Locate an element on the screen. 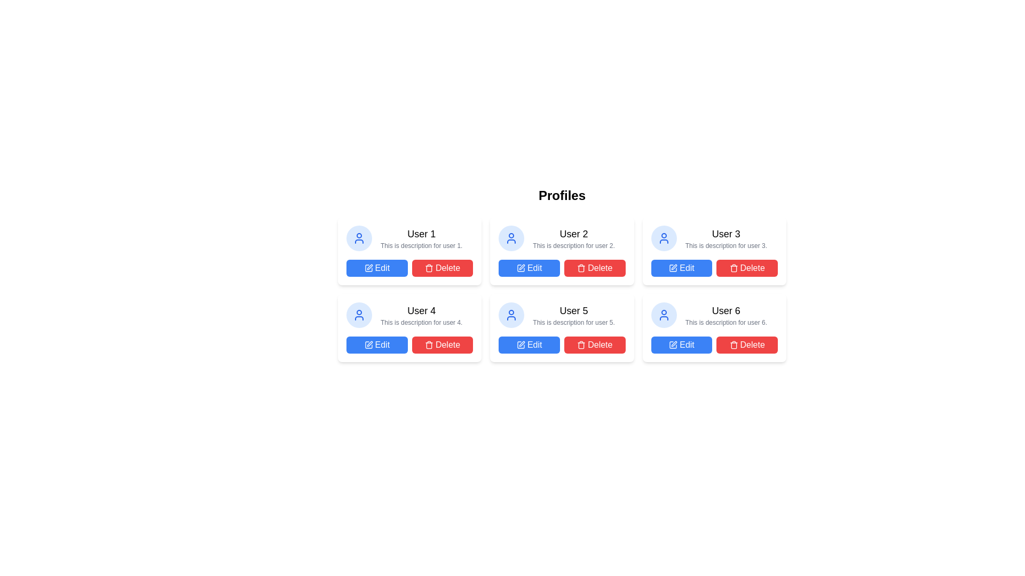 The height and width of the screenshot is (576, 1025). the textual label that serves as the title for the user profile card located at the center of the second card in the top row of the grid layout is located at coordinates (573, 234).